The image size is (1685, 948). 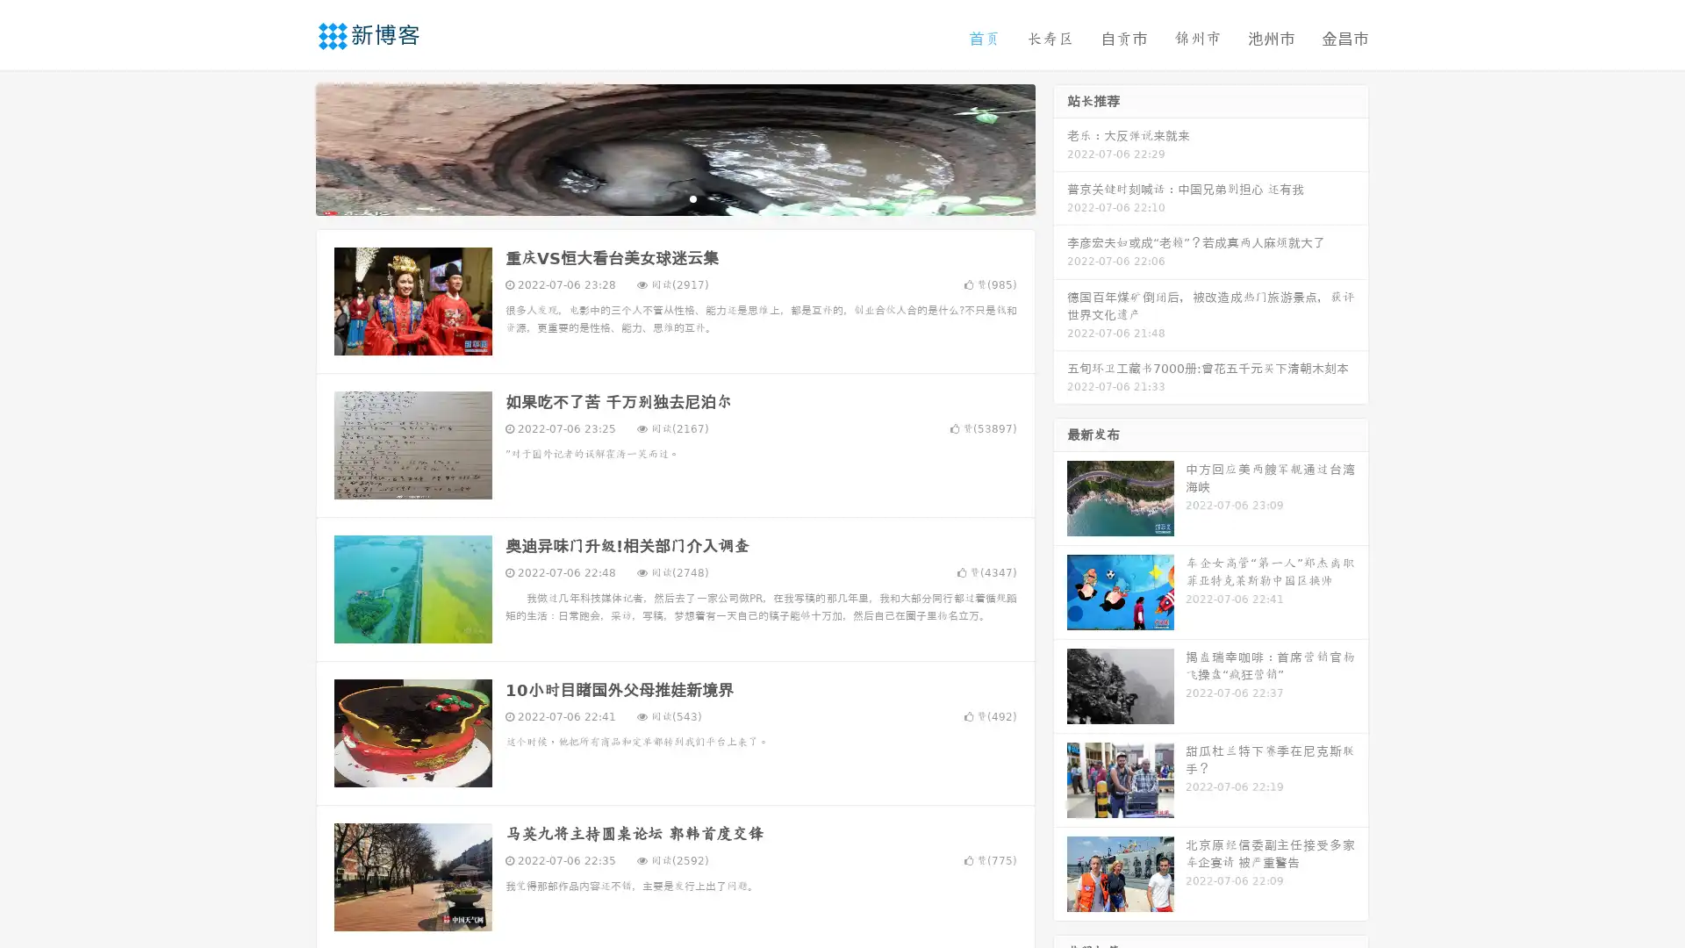 I want to click on Go to slide 1, so click(x=656, y=197).